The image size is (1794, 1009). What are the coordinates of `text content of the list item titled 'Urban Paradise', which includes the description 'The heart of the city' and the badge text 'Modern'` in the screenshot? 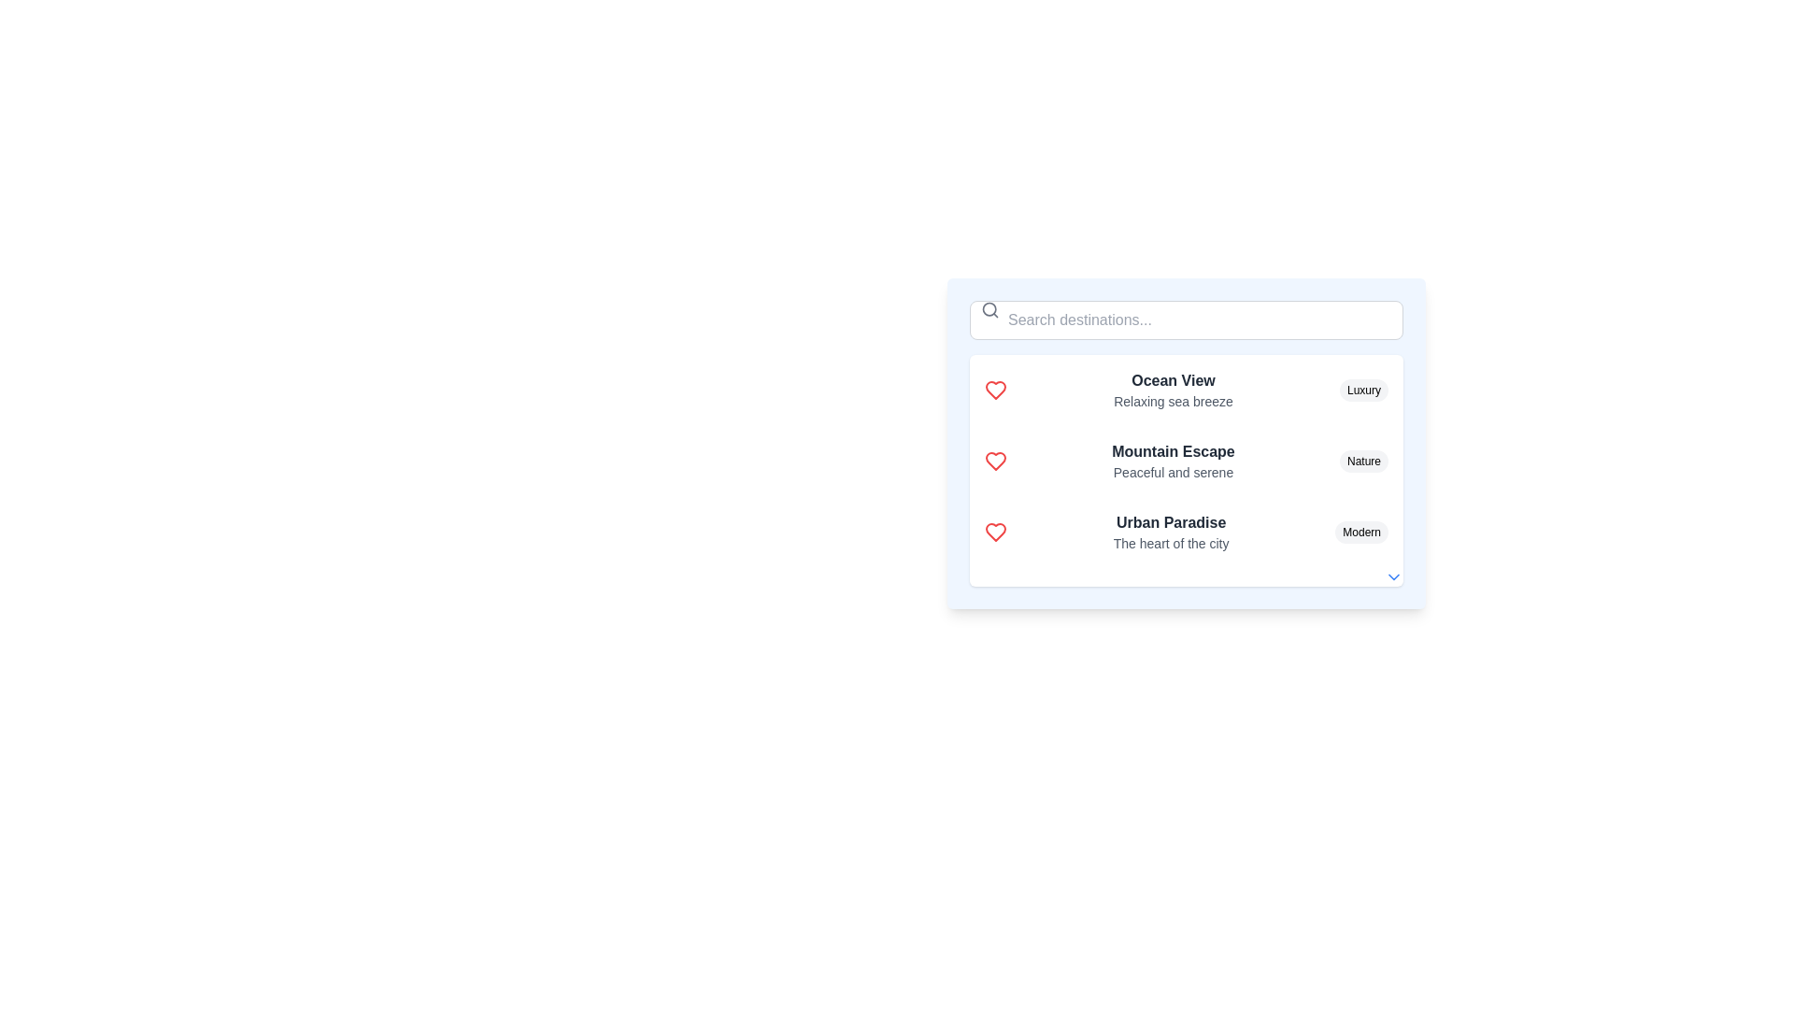 It's located at (1186, 533).